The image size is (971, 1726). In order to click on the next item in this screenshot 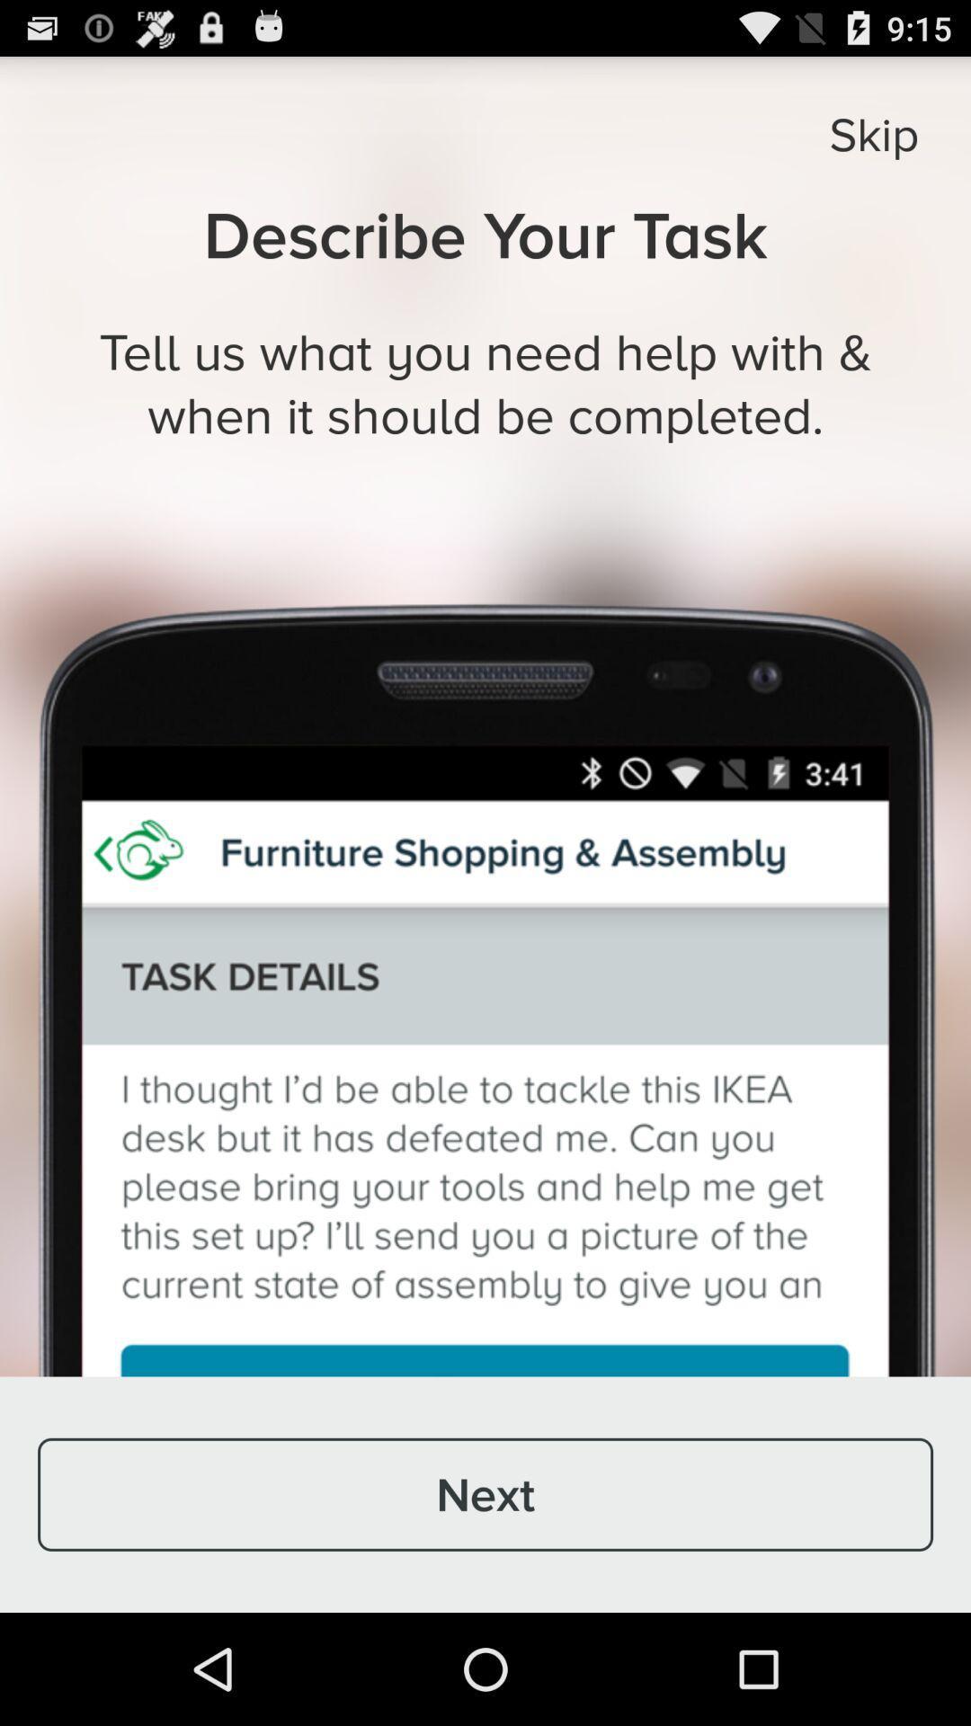, I will do `click(485, 1494)`.